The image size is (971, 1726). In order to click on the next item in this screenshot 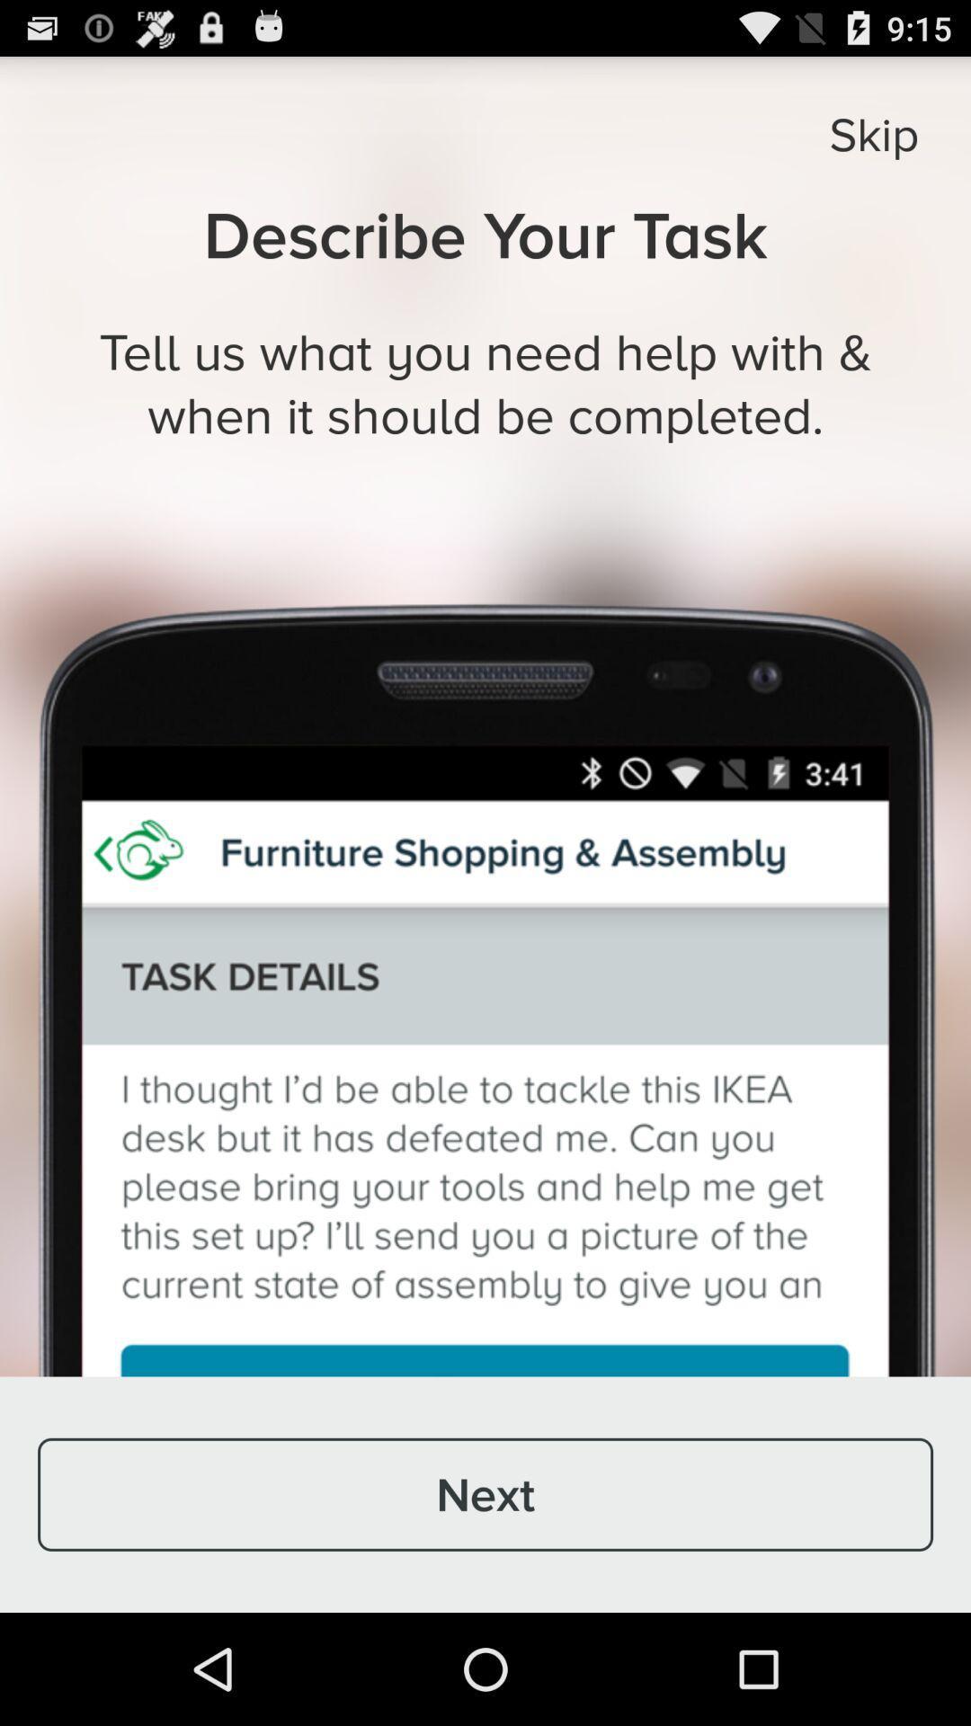, I will do `click(485, 1494)`.